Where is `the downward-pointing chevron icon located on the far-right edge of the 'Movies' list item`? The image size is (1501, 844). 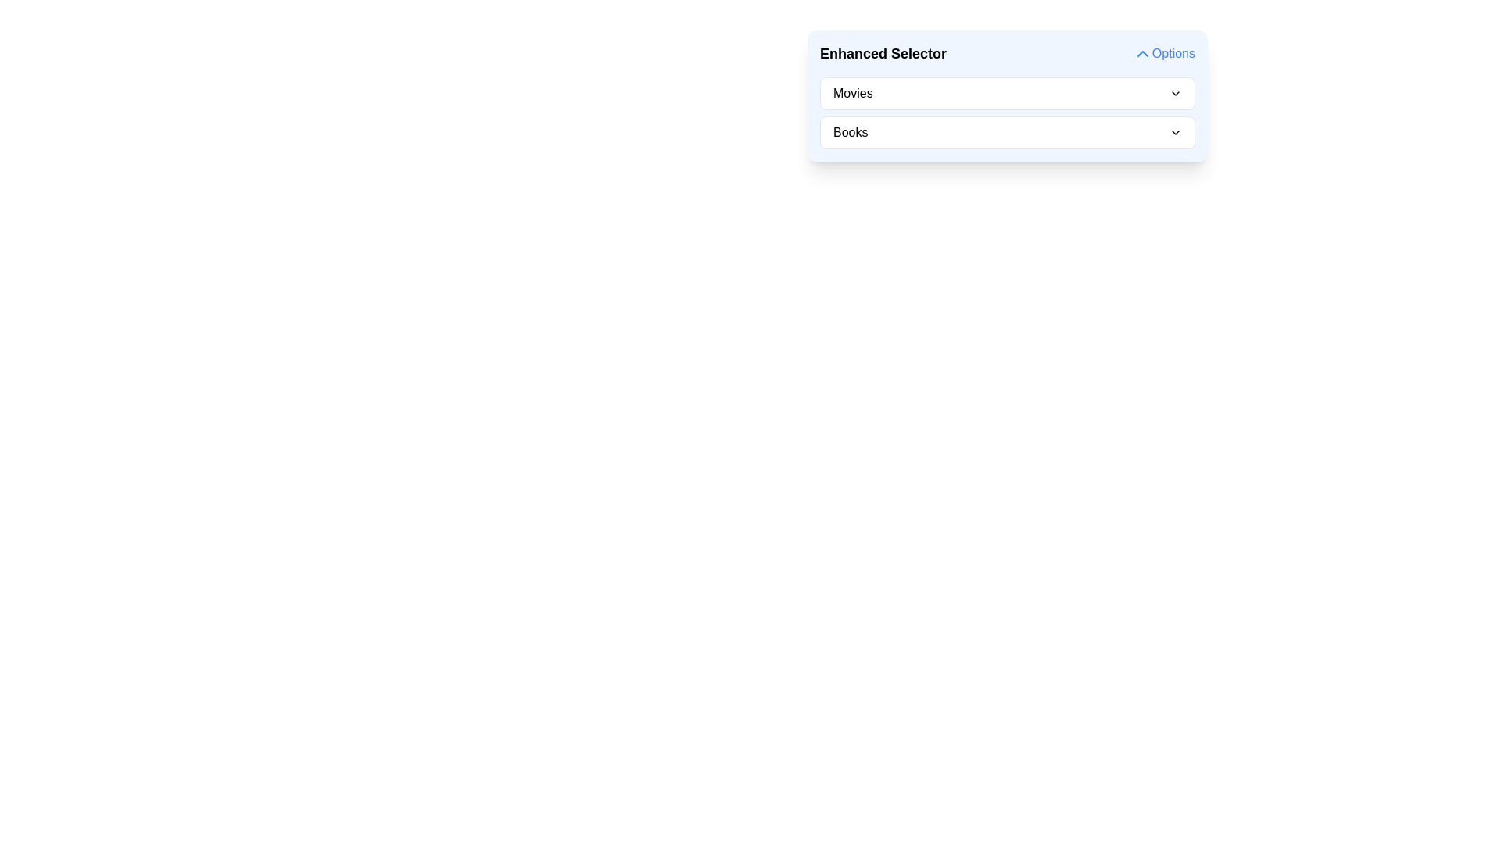
the downward-pointing chevron icon located on the far-right edge of the 'Movies' list item is located at coordinates (1175, 93).